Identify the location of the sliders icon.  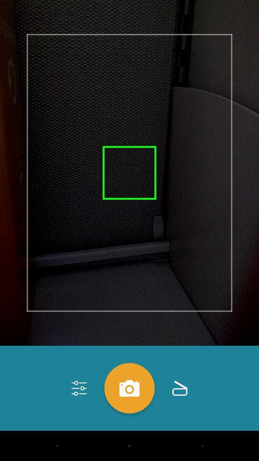
(79, 388).